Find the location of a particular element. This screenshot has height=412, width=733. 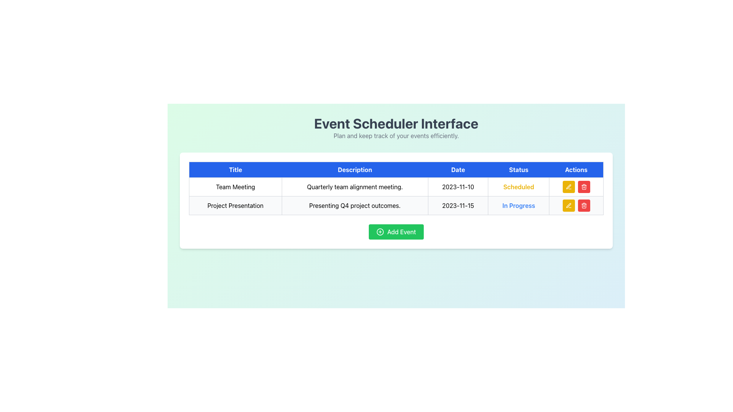

the pen icon in the 'Actions' column of the 'Project Presentation' row is located at coordinates (568, 187).